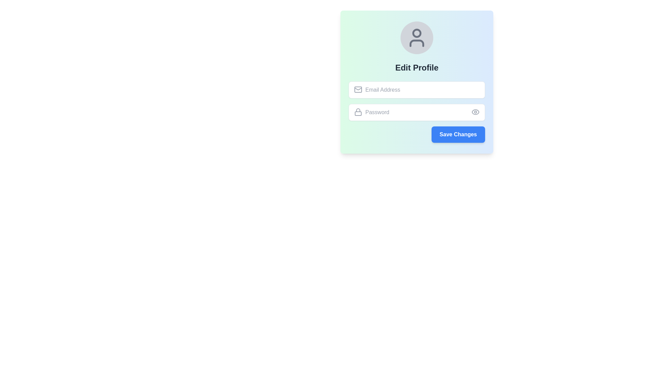 The height and width of the screenshot is (368, 655). I want to click on the 'Submit' button located at the bottom right of the profile editing interface, so click(458, 134).